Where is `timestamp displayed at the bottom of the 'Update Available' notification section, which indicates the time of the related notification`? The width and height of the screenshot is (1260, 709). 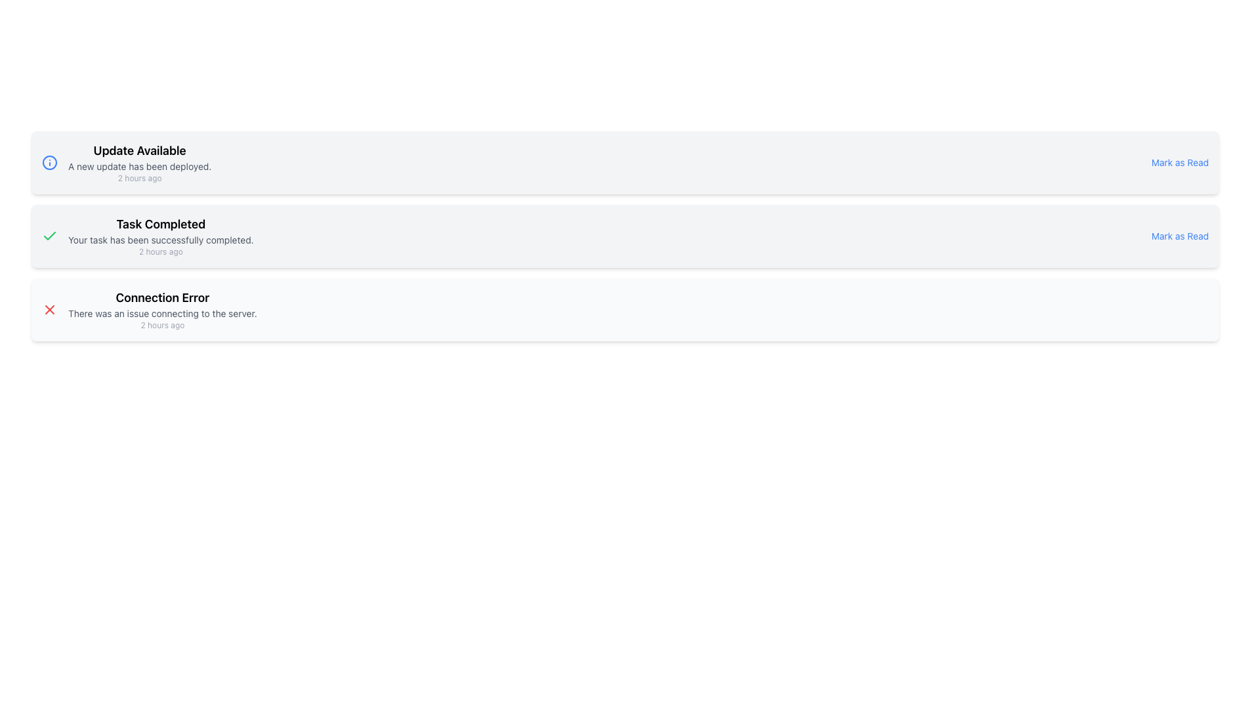
timestamp displayed at the bottom of the 'Update Available' notification section, which indicates the time of the related notification is located at coordinates (140, 179).